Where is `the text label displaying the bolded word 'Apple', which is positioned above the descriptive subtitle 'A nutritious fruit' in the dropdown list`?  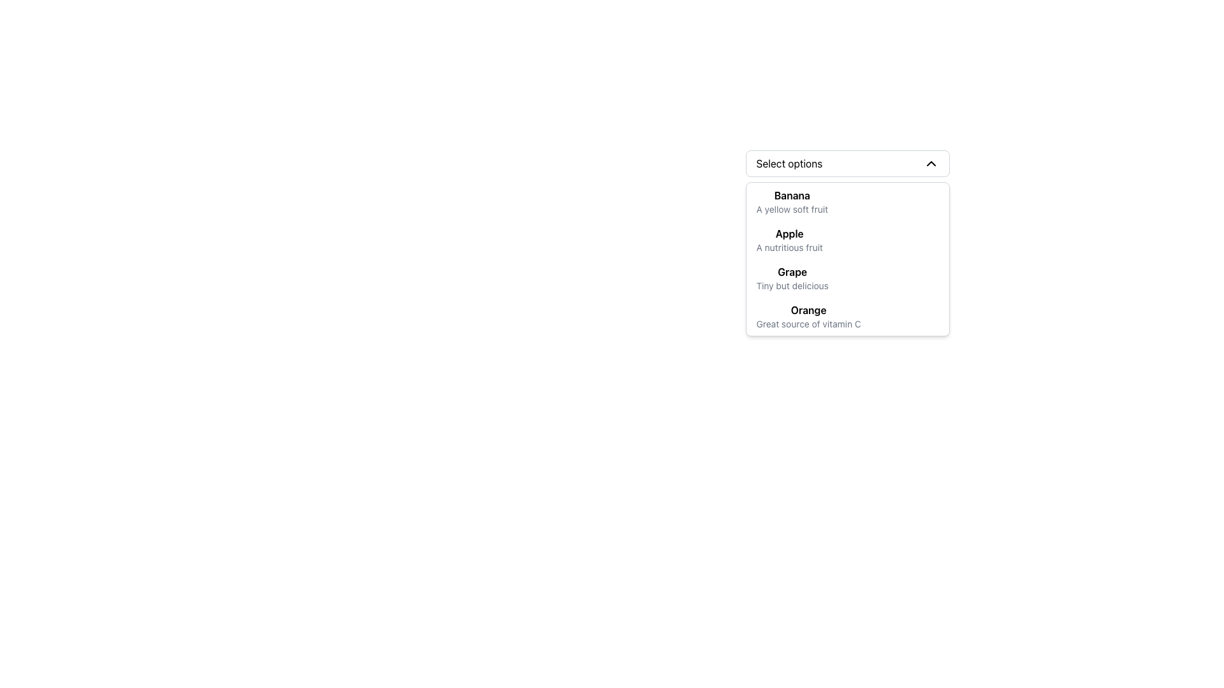
the text label displaying the bolded word 'Apple', which is positioned above the descriptive subtitle 'A nutritious fruit' in the dropdown list is located at coordinates (789, 233).